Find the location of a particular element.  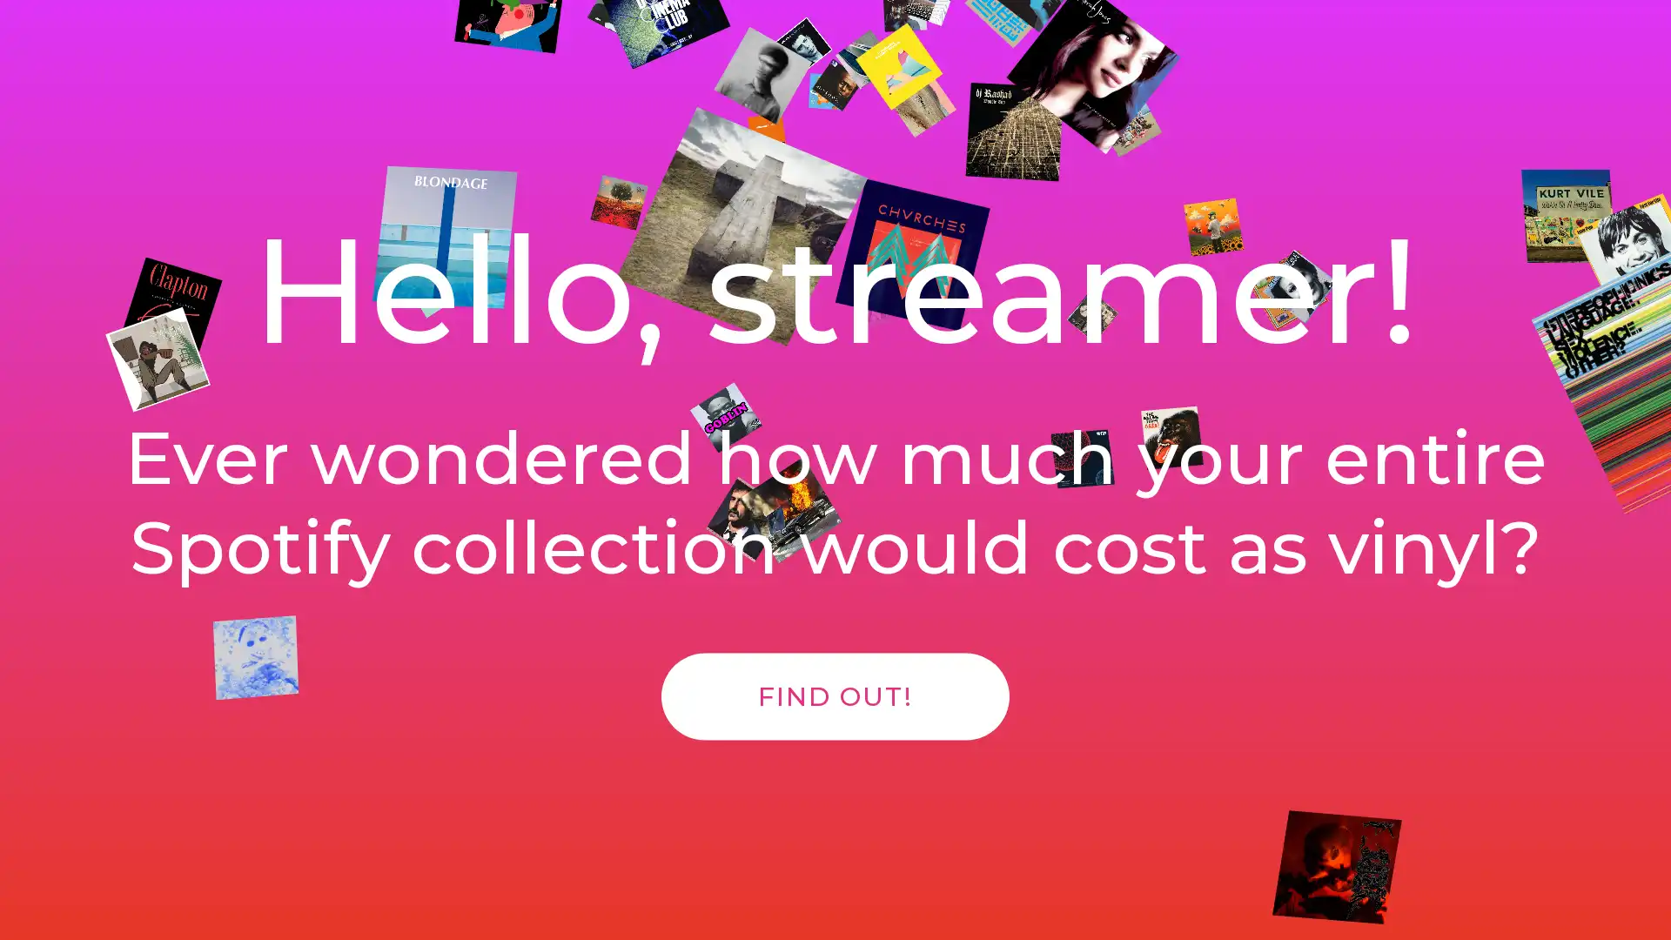

FIND OUT! is located at coordinates (835, 715).